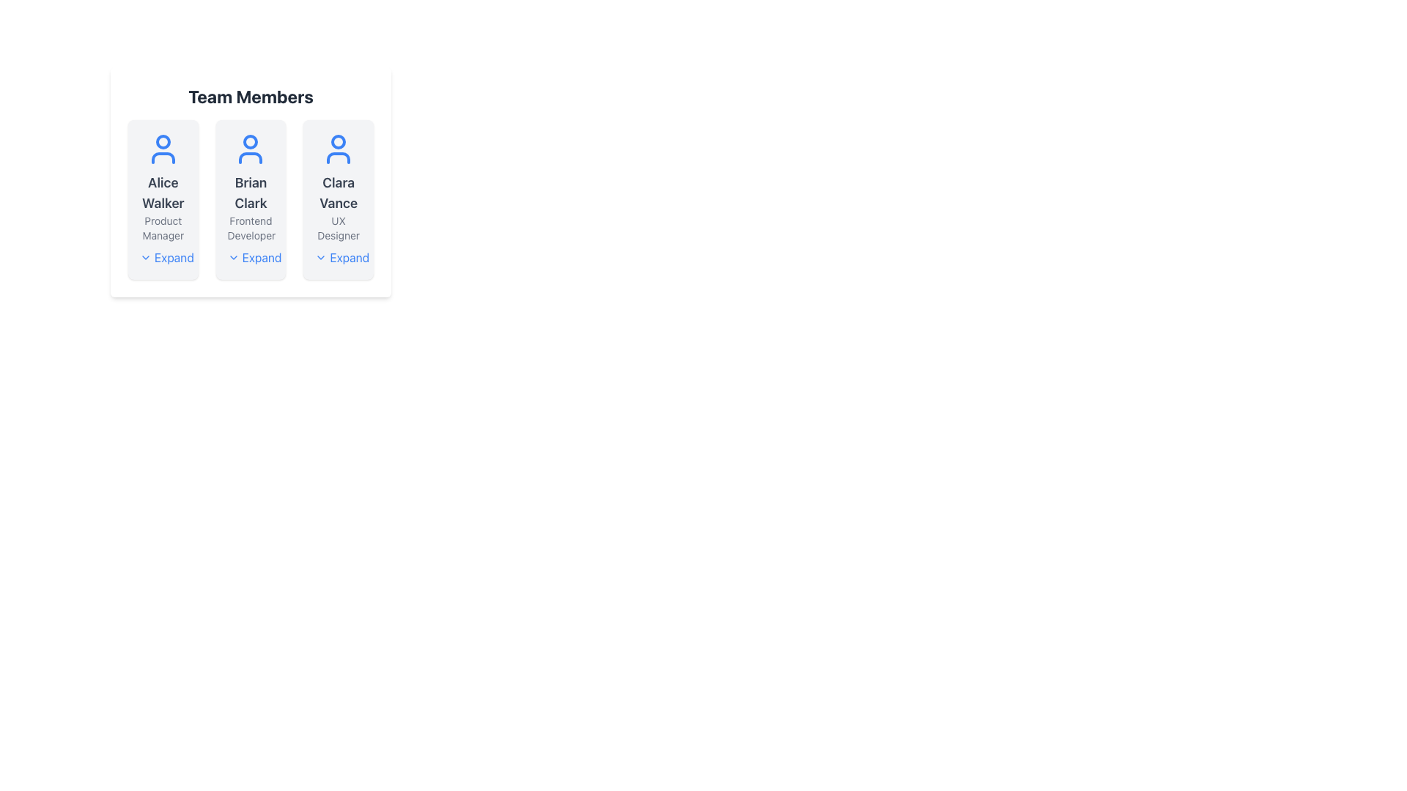  I want to click on the torso icon element within the SVG graphic representing Brian Clark, the second user in the team member list, so click(251, 158).